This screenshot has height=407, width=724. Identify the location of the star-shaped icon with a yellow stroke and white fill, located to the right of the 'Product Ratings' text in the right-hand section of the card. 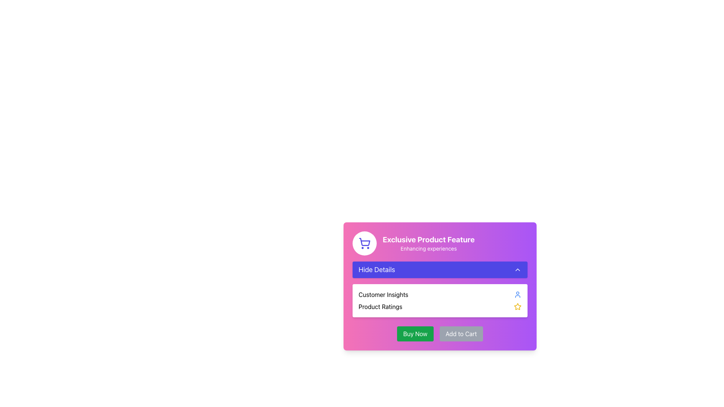
(517, 306).